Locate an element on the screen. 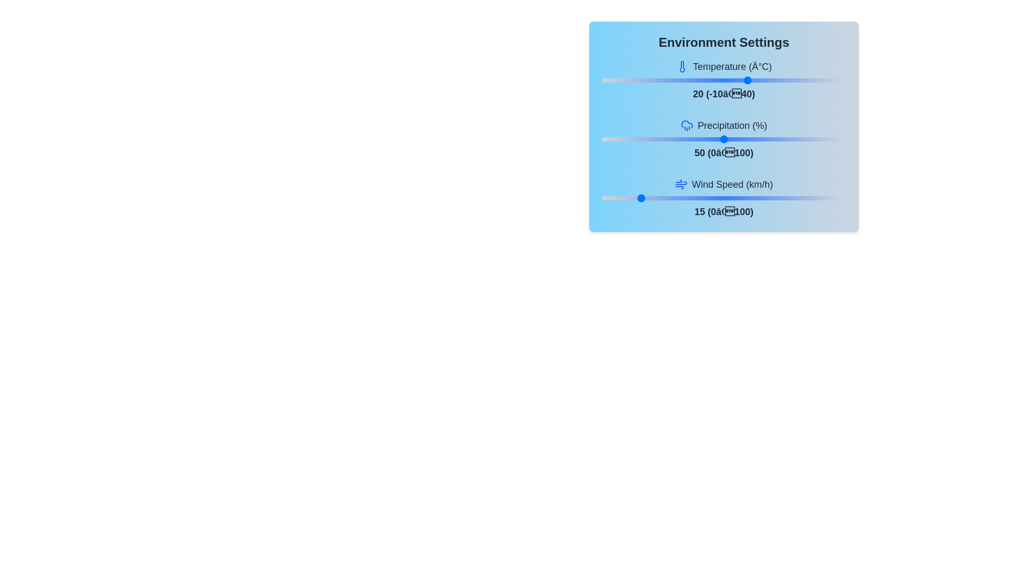  the cloud-shaped decorative icon with rain droplets, located to the left of the 'Precipitation (%)' label in the Environment Settings section is located at coordinates (687, 125).